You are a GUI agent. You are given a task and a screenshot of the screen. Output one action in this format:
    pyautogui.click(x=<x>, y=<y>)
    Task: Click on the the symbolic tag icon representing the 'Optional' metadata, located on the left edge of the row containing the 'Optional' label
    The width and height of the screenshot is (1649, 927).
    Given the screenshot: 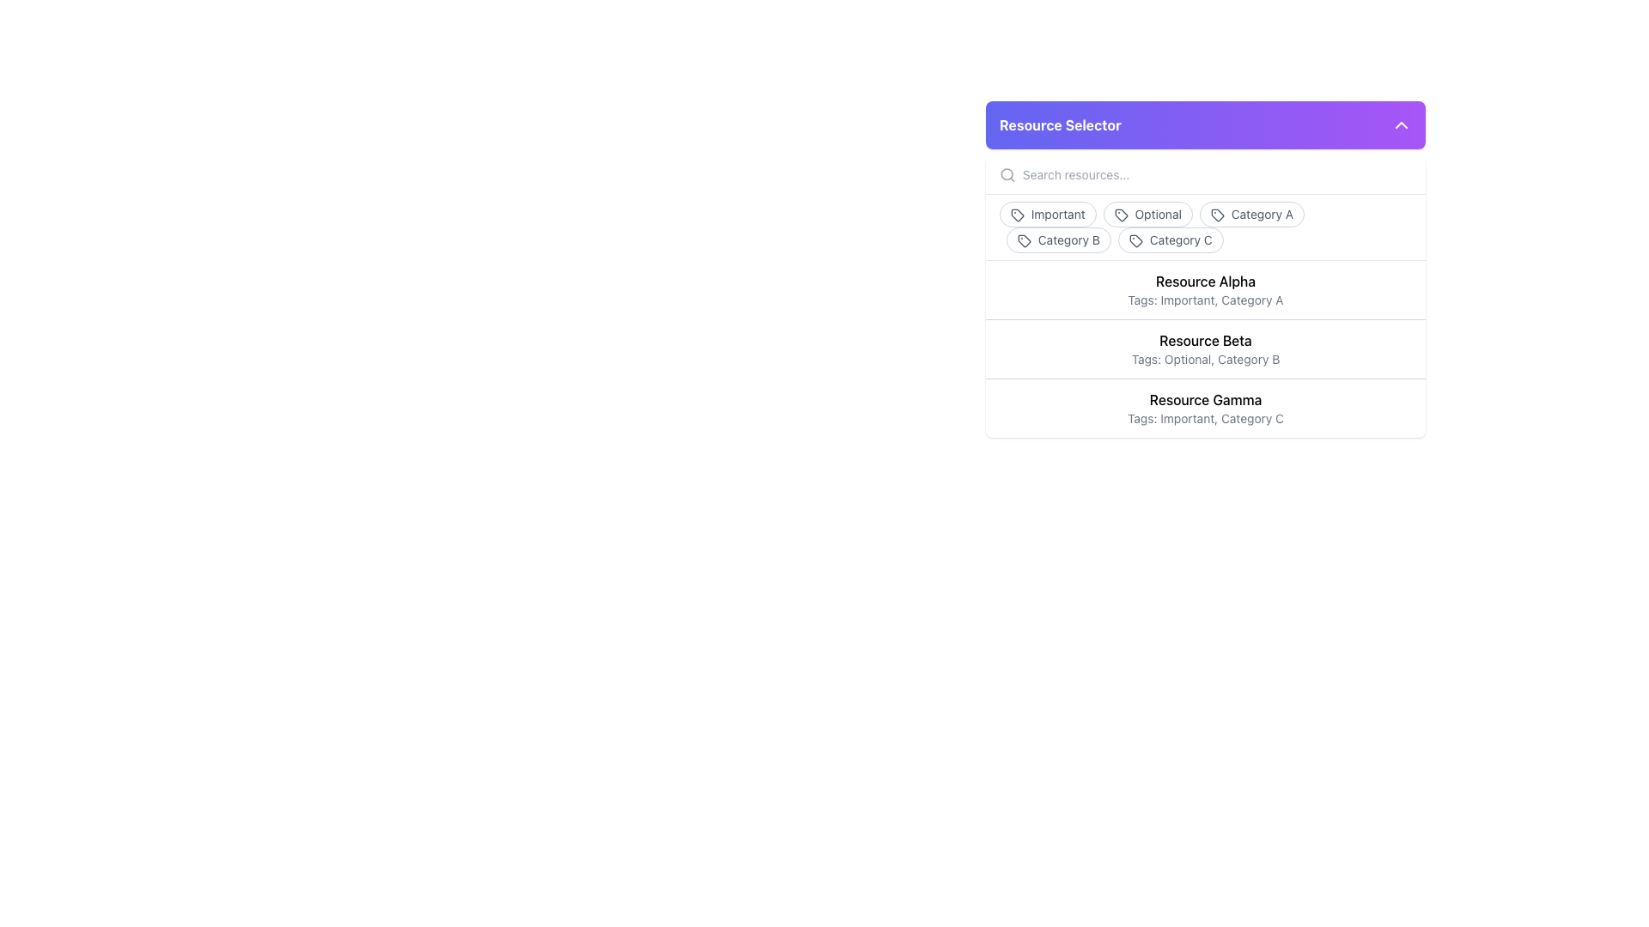 What is the action you would take?
    pyautogui.click(x=1121, y=215)
    